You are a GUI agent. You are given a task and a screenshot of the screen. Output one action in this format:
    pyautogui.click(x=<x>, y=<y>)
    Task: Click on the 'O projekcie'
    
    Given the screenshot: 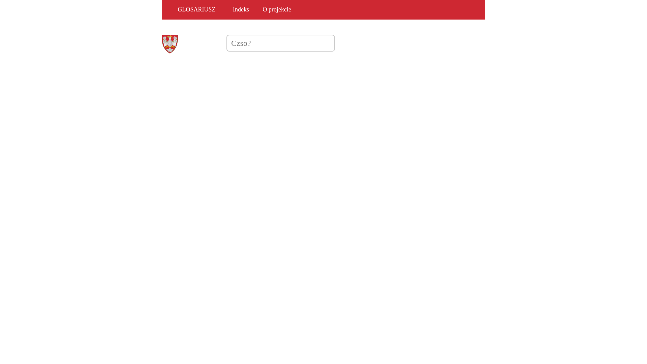 What is the action you would take?
    pyautogui.click(x=256, y=10)
    